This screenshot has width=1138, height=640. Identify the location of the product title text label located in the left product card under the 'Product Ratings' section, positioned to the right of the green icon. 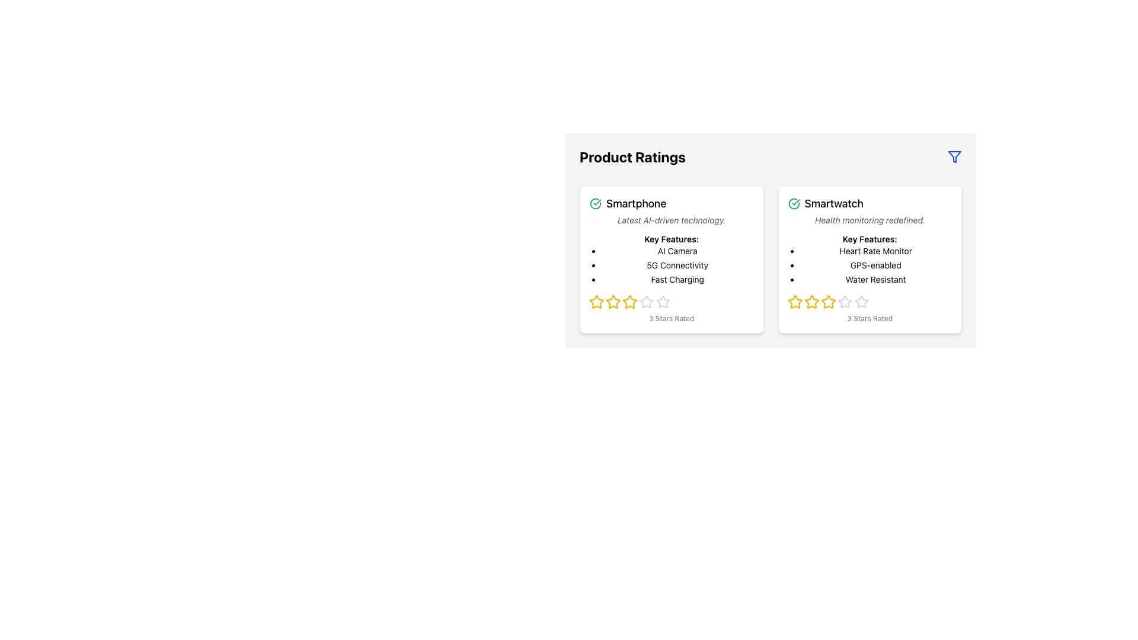
(635, 203).